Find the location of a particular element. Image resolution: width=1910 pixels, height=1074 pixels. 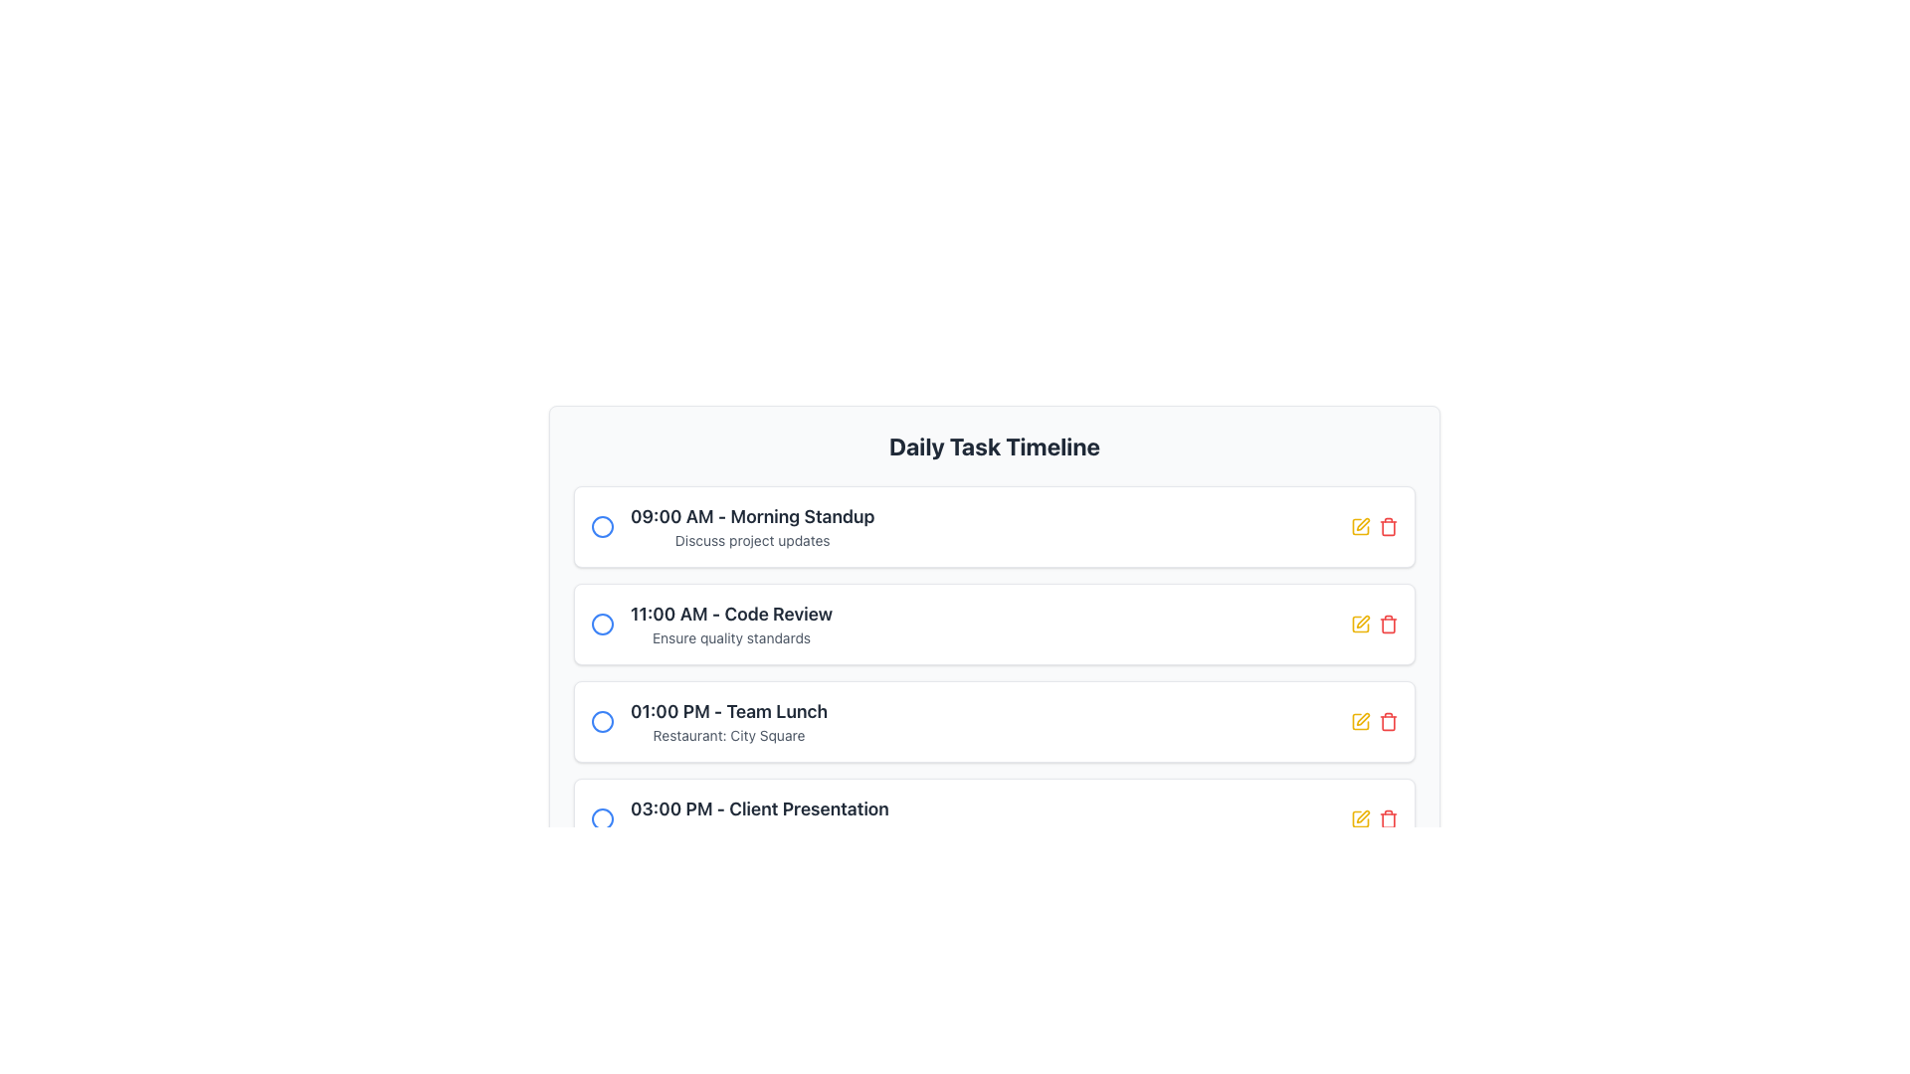

the text label providing details about the event '01:00 PM - Team Lunch', which is the second line of text in this entry is located at coordinates (728, 736).